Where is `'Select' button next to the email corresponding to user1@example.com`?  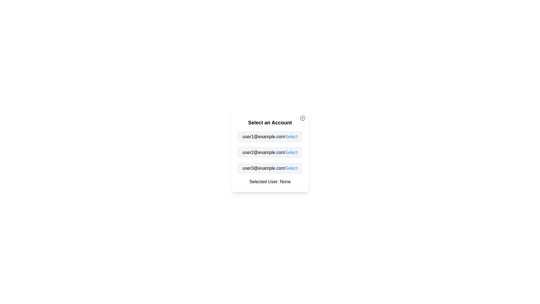
'Select' button next to the email corresponding to user1@example.com is located at coordinates (291, 137).